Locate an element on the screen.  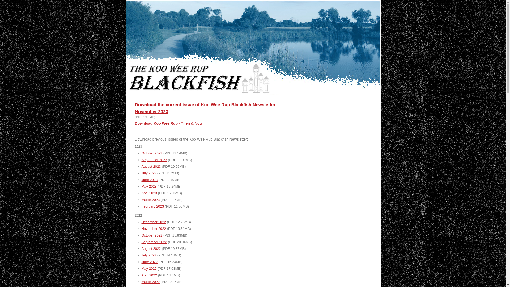
'Download Koo Wee Rup - Then & Now' is located at coordinates (168, 123).